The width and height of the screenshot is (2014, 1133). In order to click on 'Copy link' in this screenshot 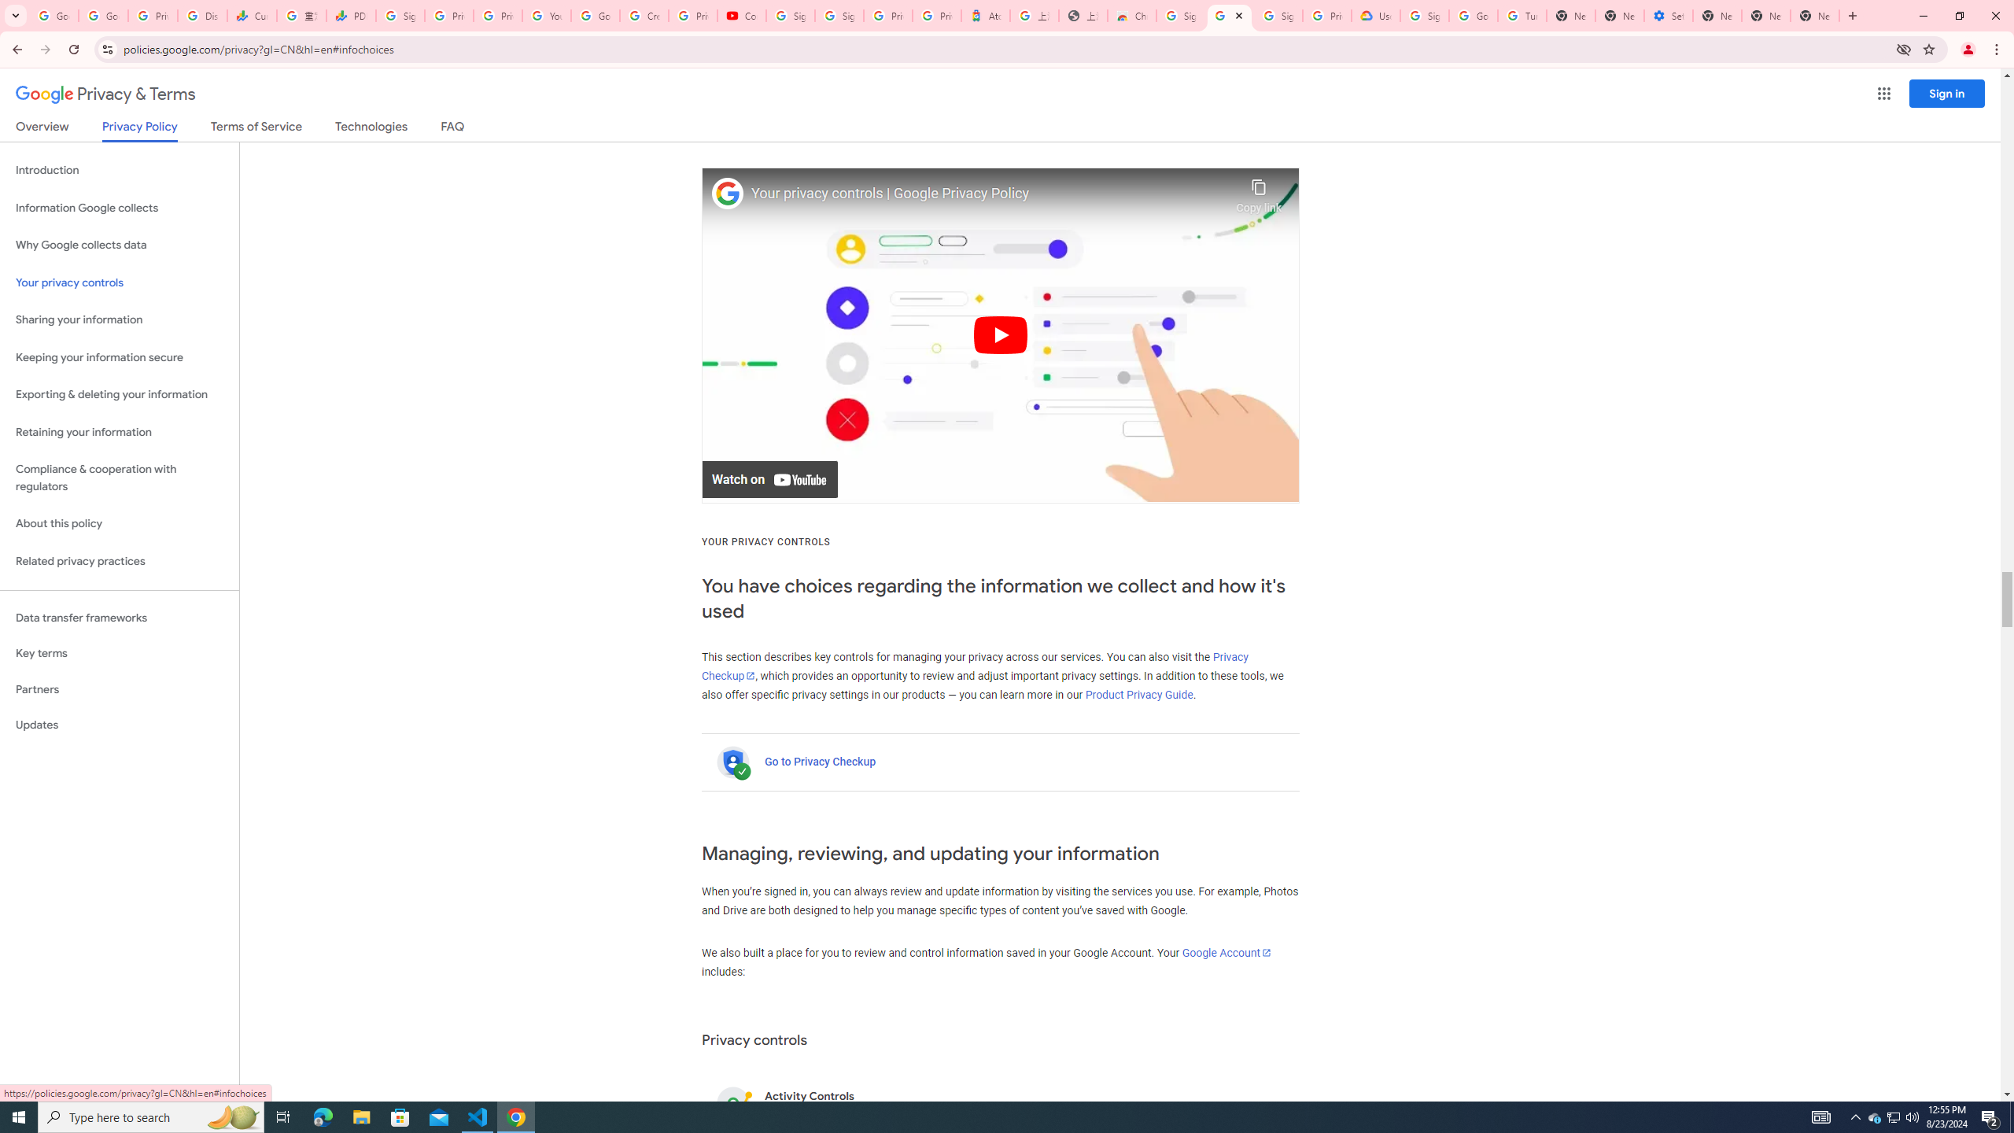, I will do `click(1258, 192)`.